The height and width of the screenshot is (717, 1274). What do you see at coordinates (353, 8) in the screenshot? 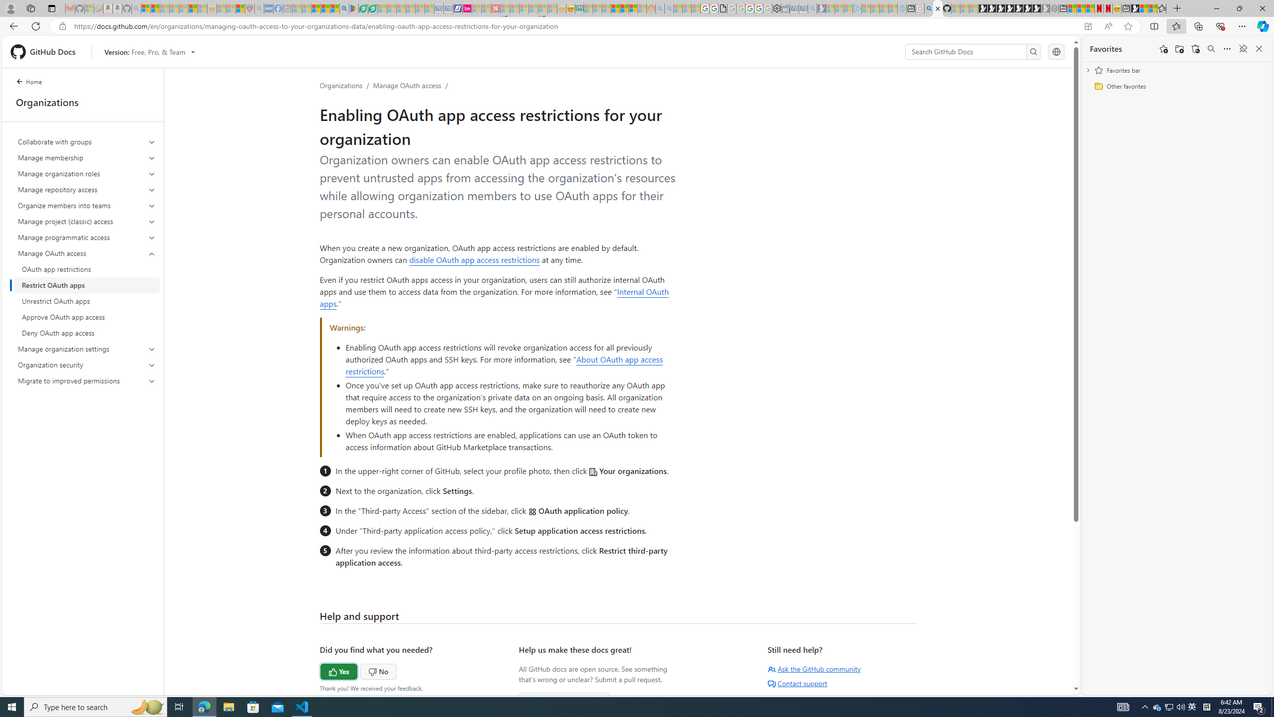
I see `'Bluey: Let'` at bounding box center [353, 8].